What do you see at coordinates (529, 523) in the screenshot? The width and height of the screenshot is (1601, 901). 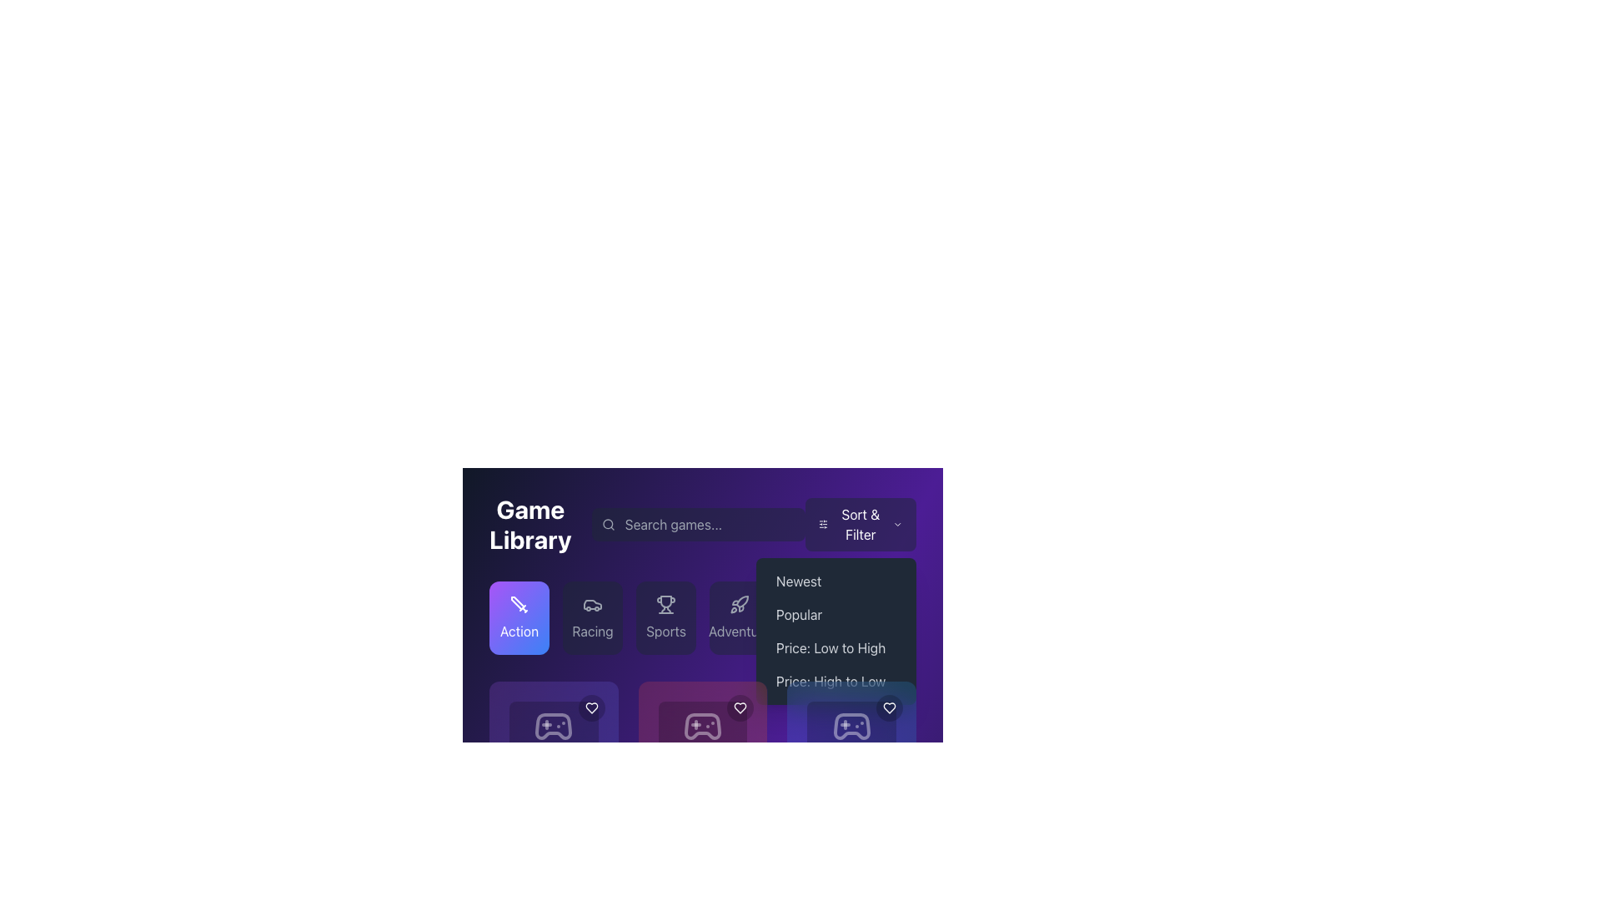 I see `the text label that reads 'Game Library', which is bold and large-sized, styled in white color against a dark background, and positioned at the top-left corner of the interface` at bounding box center [529, 523].